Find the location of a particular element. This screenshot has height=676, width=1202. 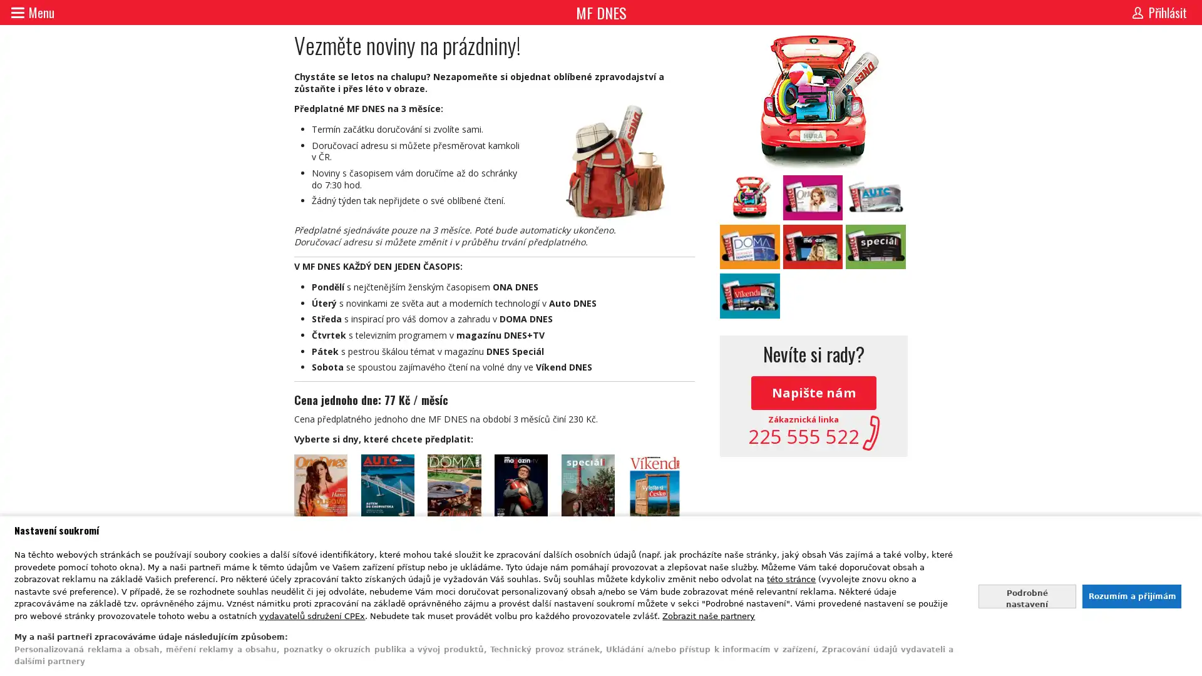

Souhlasit s nasim zpracovanim udaju a zavrit is located at coordinates (1131, 595).